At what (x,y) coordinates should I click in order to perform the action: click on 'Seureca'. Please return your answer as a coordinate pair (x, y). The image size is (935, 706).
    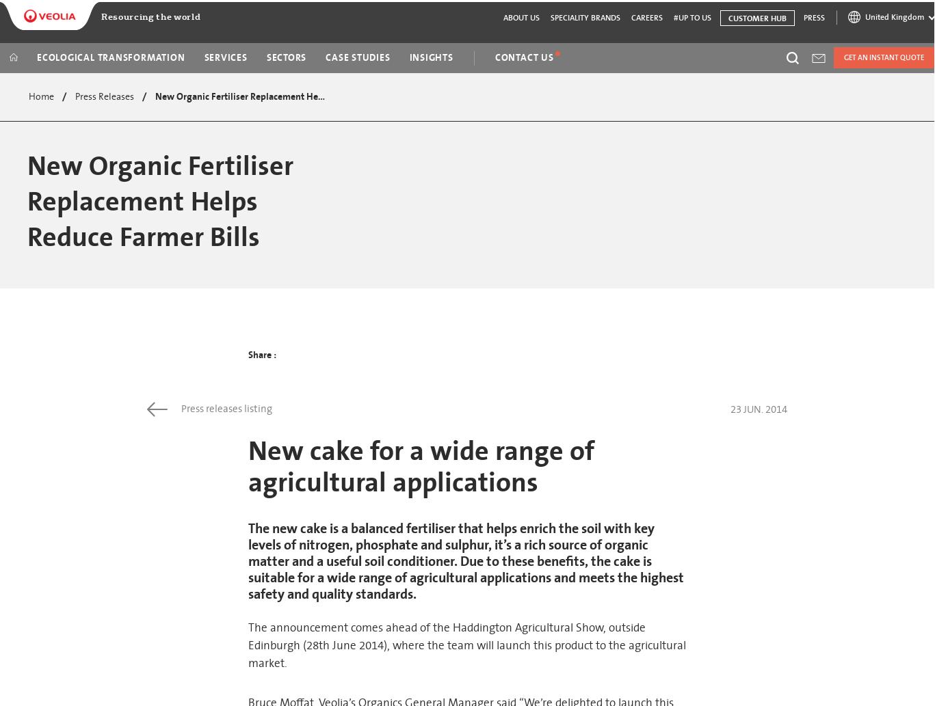
    Looking at the image, I should click on (715, 293).